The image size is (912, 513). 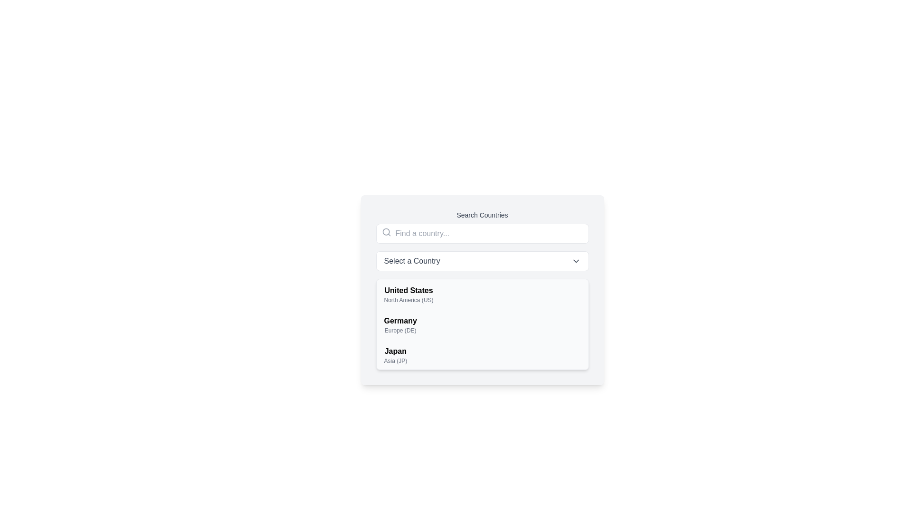 I want to click on the decorative graphical element within the circular part of the magnifying glass icon, located to the left of the 'Find a country...' placeholder text in the search field, so click(x=386, y=232).